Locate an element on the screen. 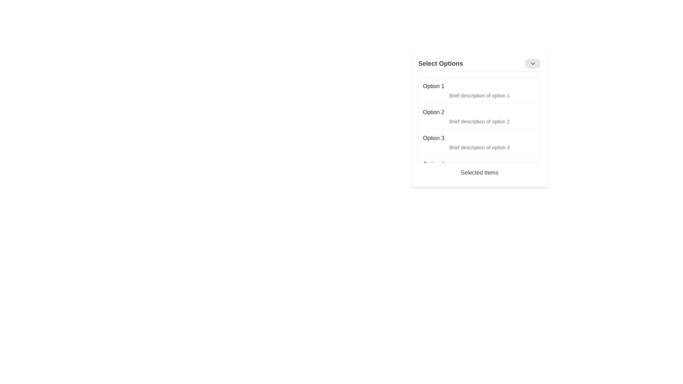 This screenshot has height=384, width=683. descriptions of the options from the Listbox located in the upper right corner of the interface titled 'Select Options', aligned vertically with the second option in the list is located at coordinates (480, 124).